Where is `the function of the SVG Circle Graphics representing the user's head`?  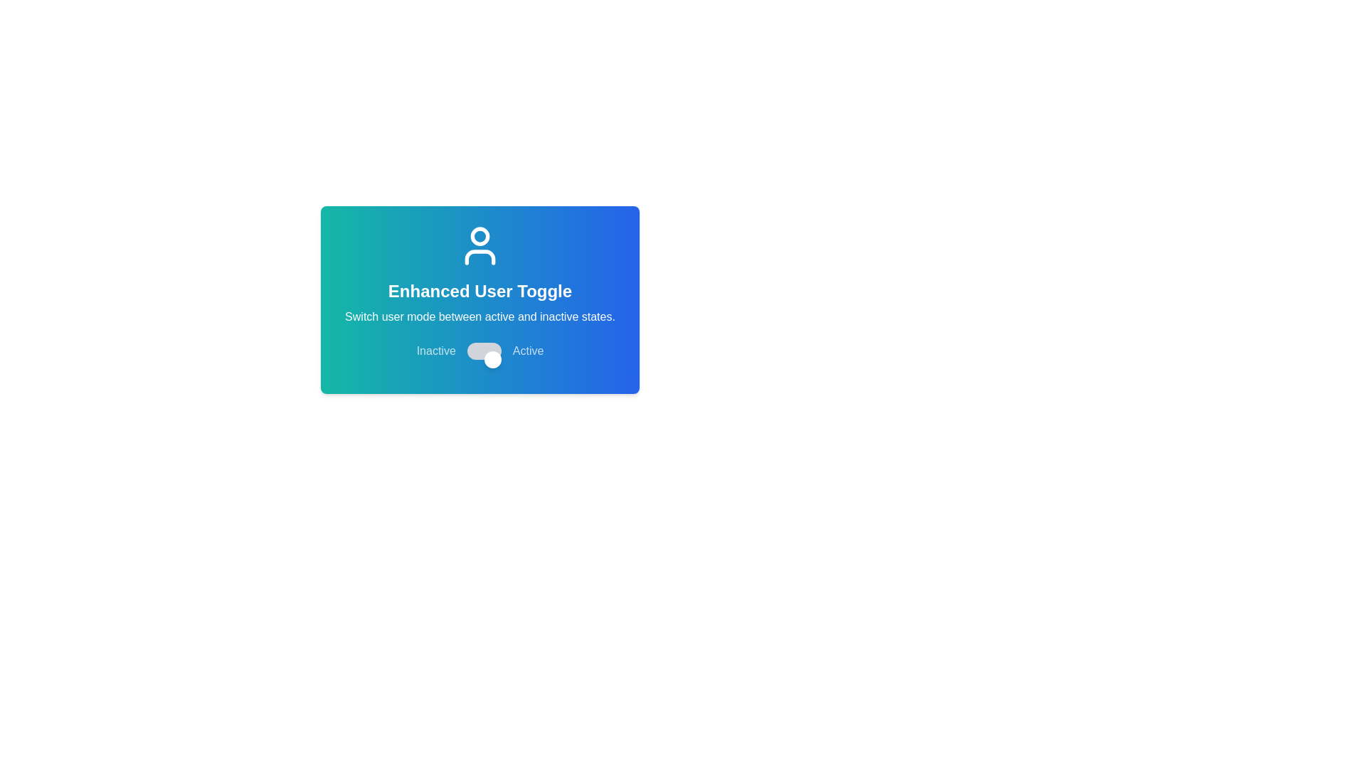
the function of the SVG Circle Graphics representing the user's head is located at coordinates (480, 235).